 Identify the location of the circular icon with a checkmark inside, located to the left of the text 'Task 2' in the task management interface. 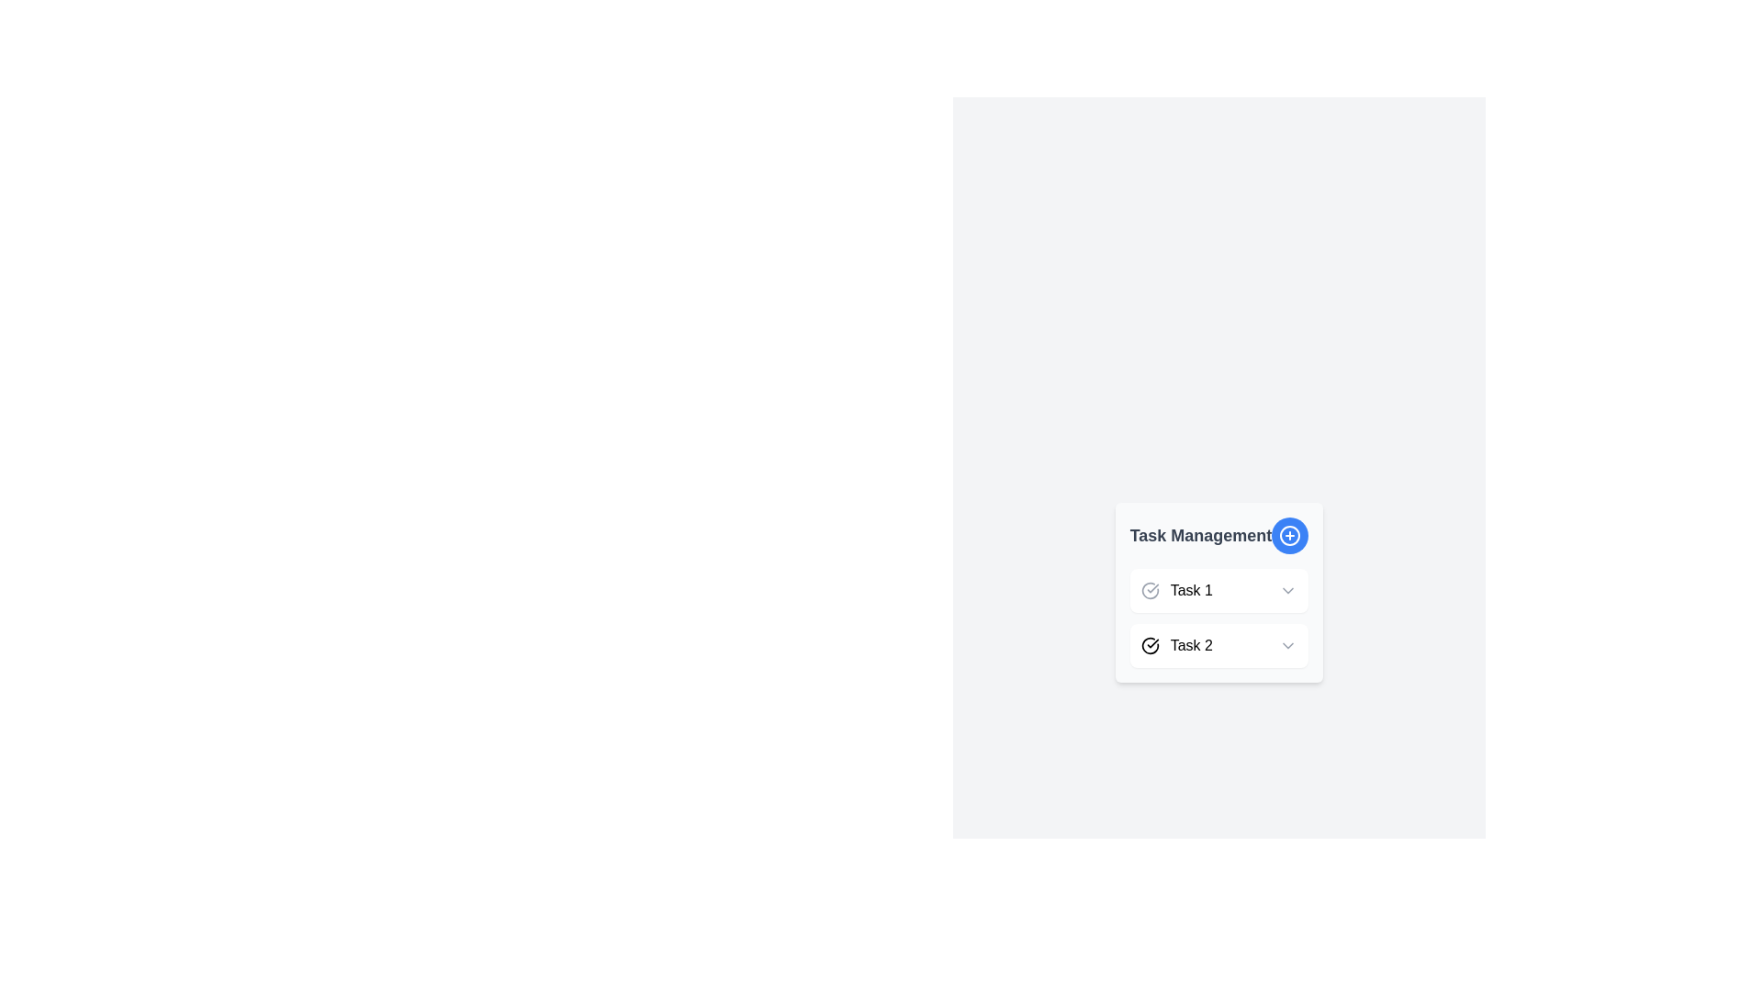
(1149, 645).